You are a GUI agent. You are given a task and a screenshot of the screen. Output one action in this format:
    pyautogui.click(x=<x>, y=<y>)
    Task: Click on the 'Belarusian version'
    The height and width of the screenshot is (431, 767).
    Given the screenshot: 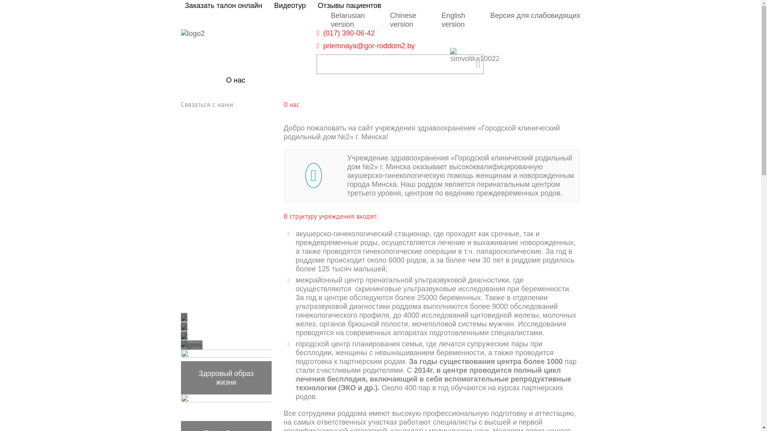 What is the action you would take?
    pyautogui.click(x=348, y=20)
    